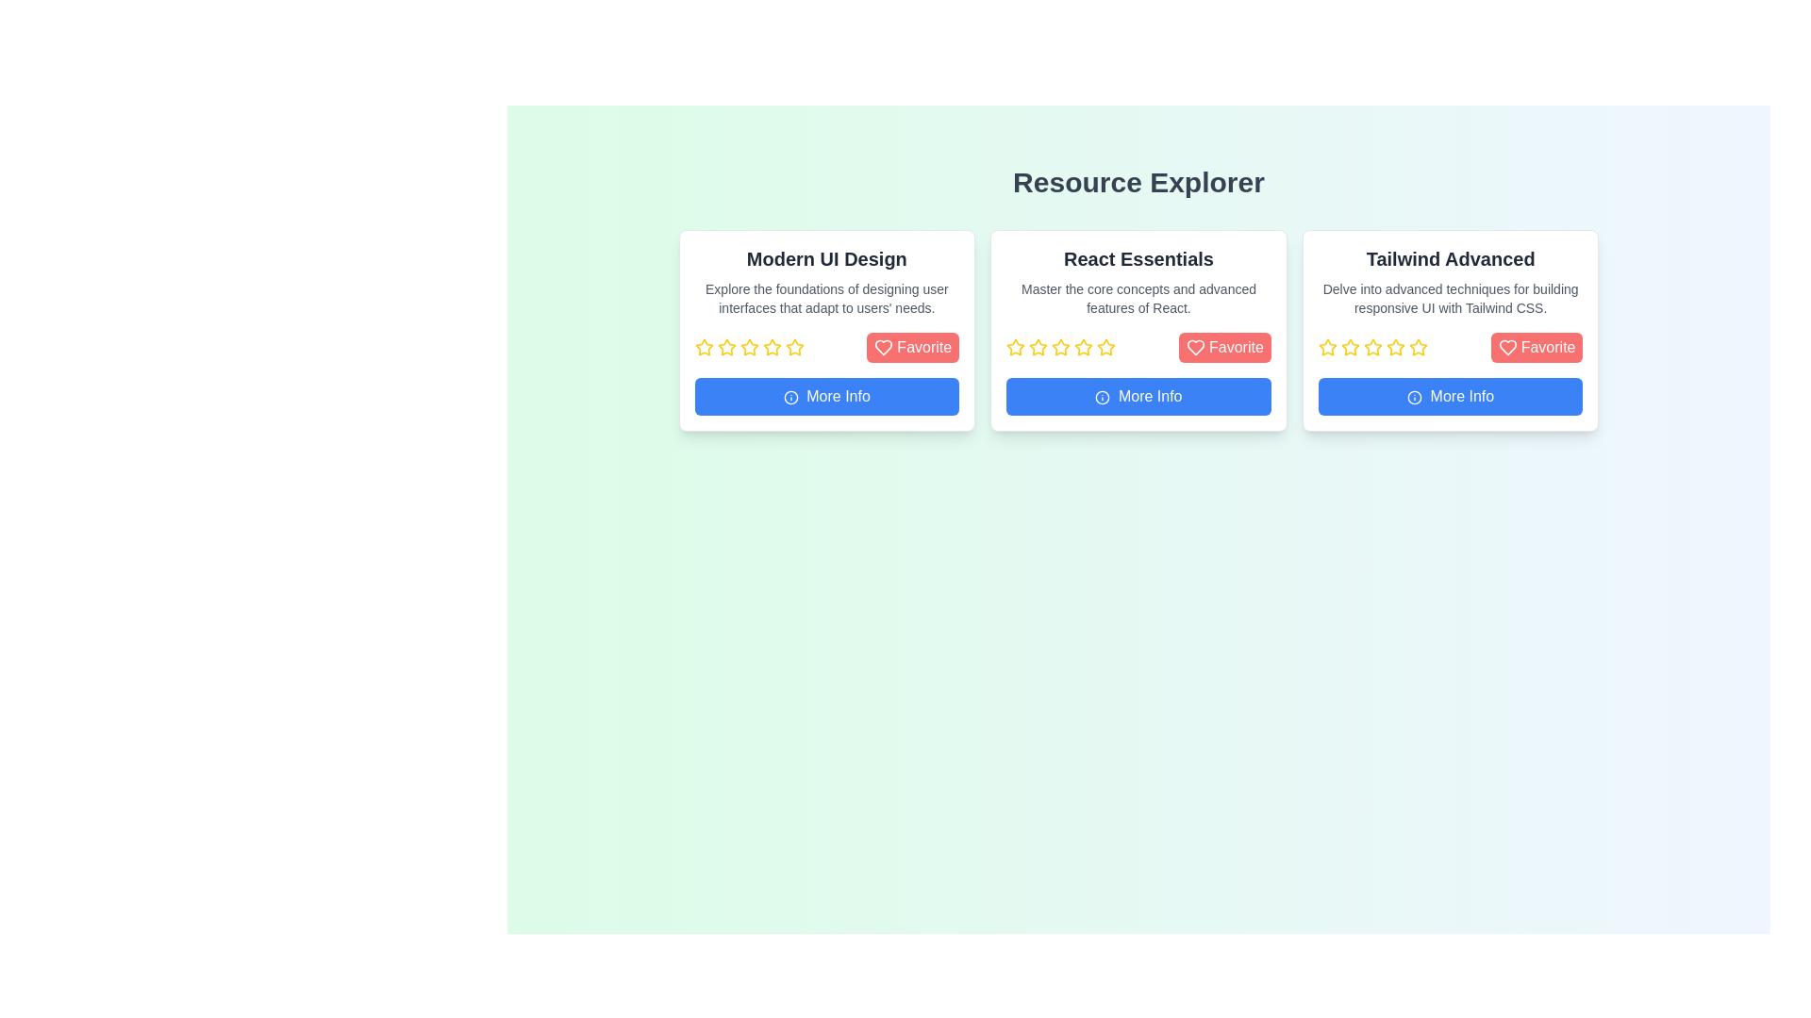  I want to click on the heart icon located within the second 'Favorite' button on the right side of the interface, so click(1506, 348).